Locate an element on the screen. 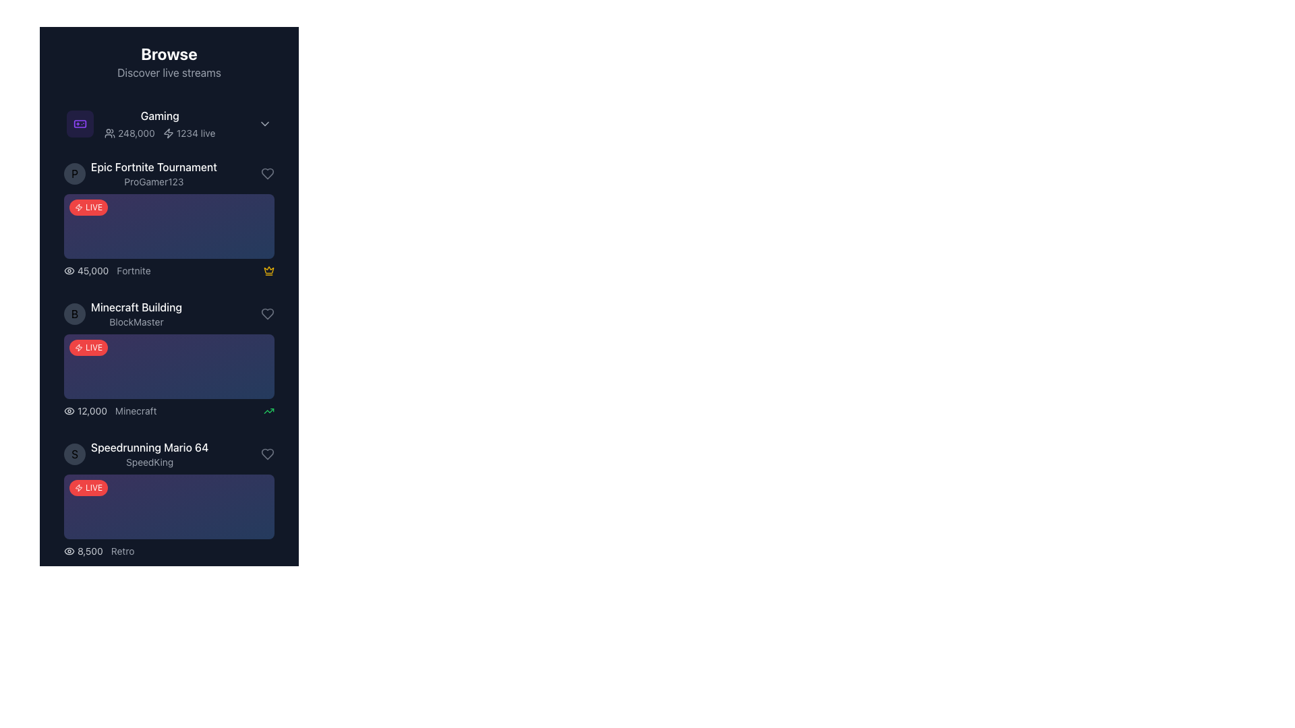 This screenshot has height=728, width=1295. the text label displaying 'Minecraft' in light gray font, located to the right of the viewer count and an eye icon, within a live stream entry row is located at coordinates (136, 410).